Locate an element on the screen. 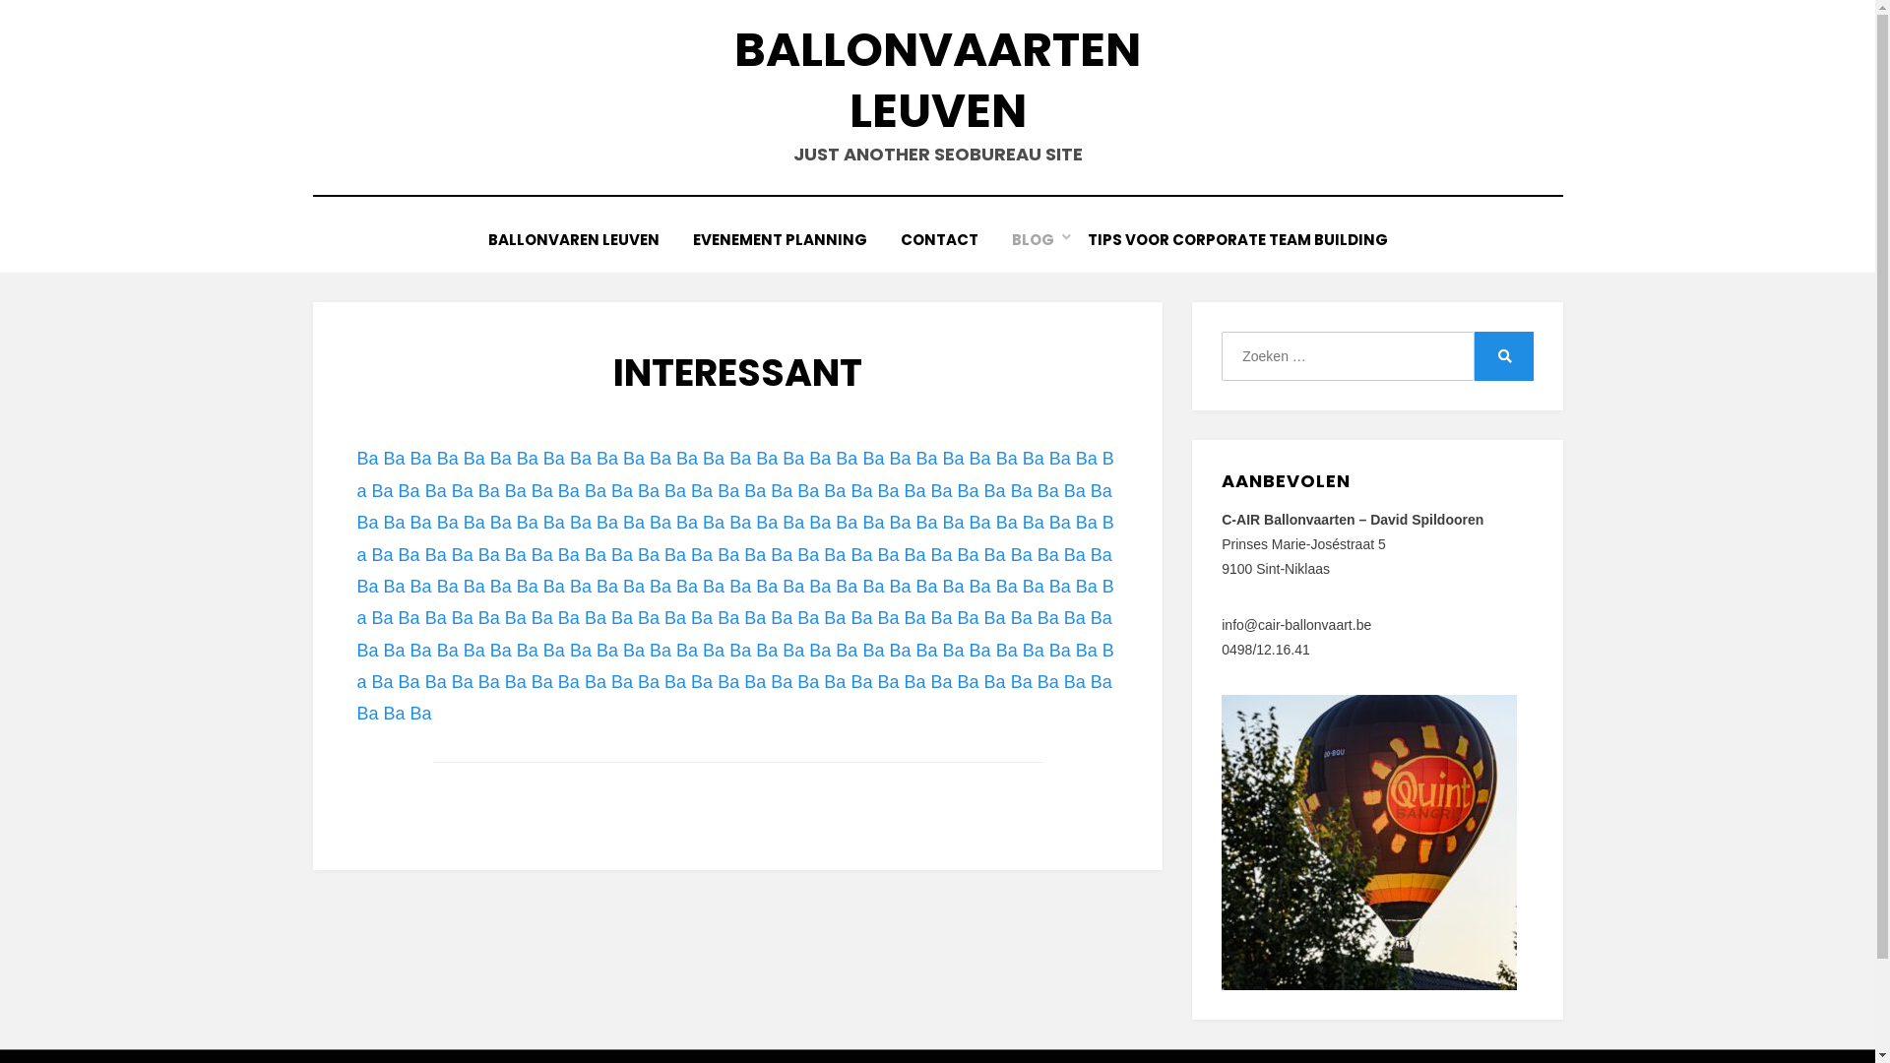 This screenshot has width=1890, height=1063. 'BLOG' is located at coordinates (1031, 238).